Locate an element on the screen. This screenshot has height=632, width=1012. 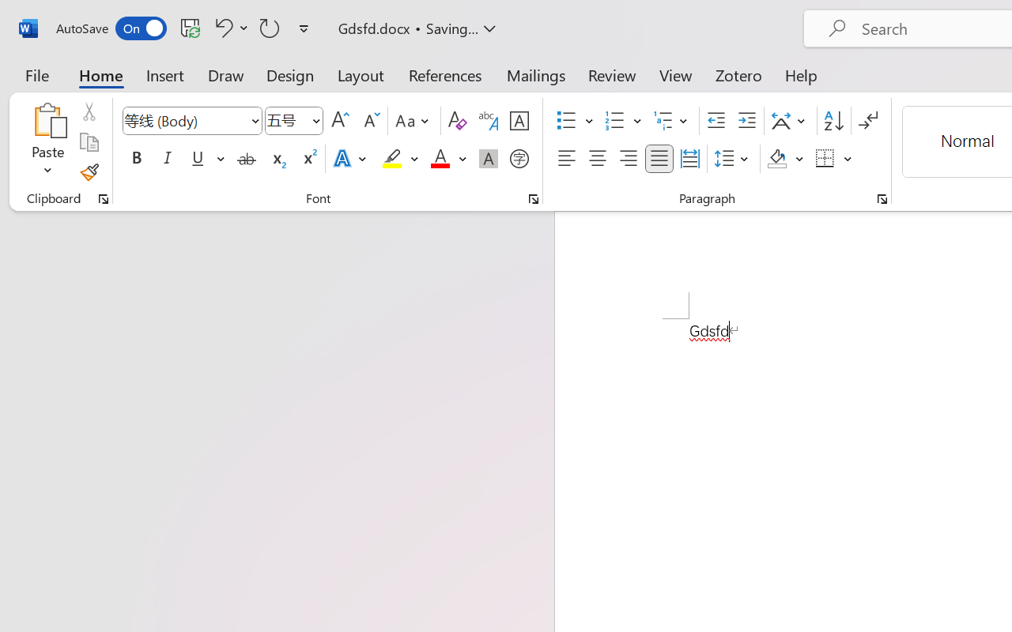
'Italic' is located at coordinates (168, 159).